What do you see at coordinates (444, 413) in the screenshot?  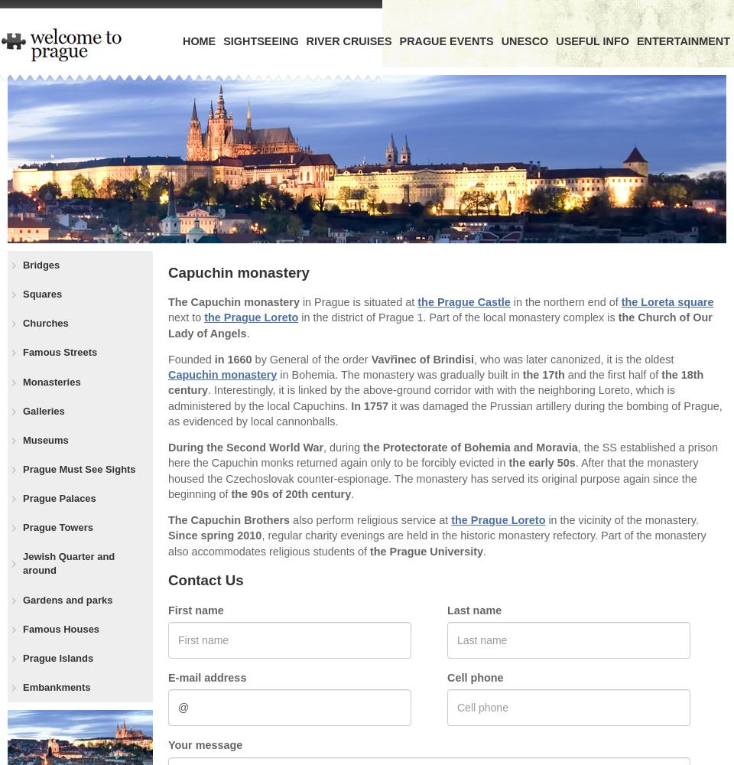 I see `'it was damaged the Prussian artillery during the bombing of Prague, as evidenced by local cannonballs.'` at bounding box center [444, 413].